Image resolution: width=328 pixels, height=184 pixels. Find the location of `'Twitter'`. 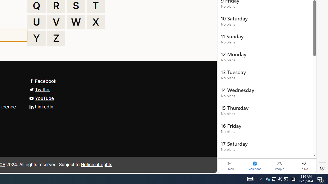

'Twitter' is located at coordinates (39, 89).